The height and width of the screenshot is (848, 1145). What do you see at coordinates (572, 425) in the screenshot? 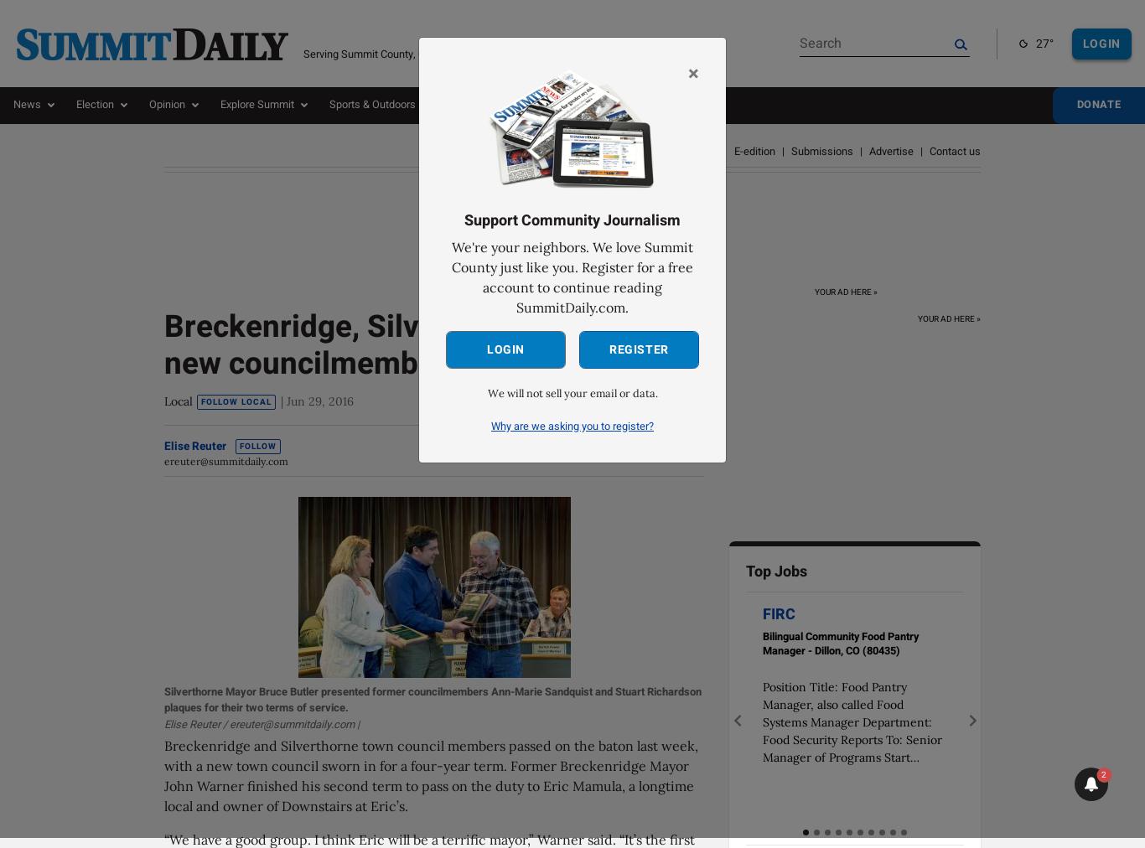
I see `'Why are we asking you to register?'` at bounding box center [572, 425].